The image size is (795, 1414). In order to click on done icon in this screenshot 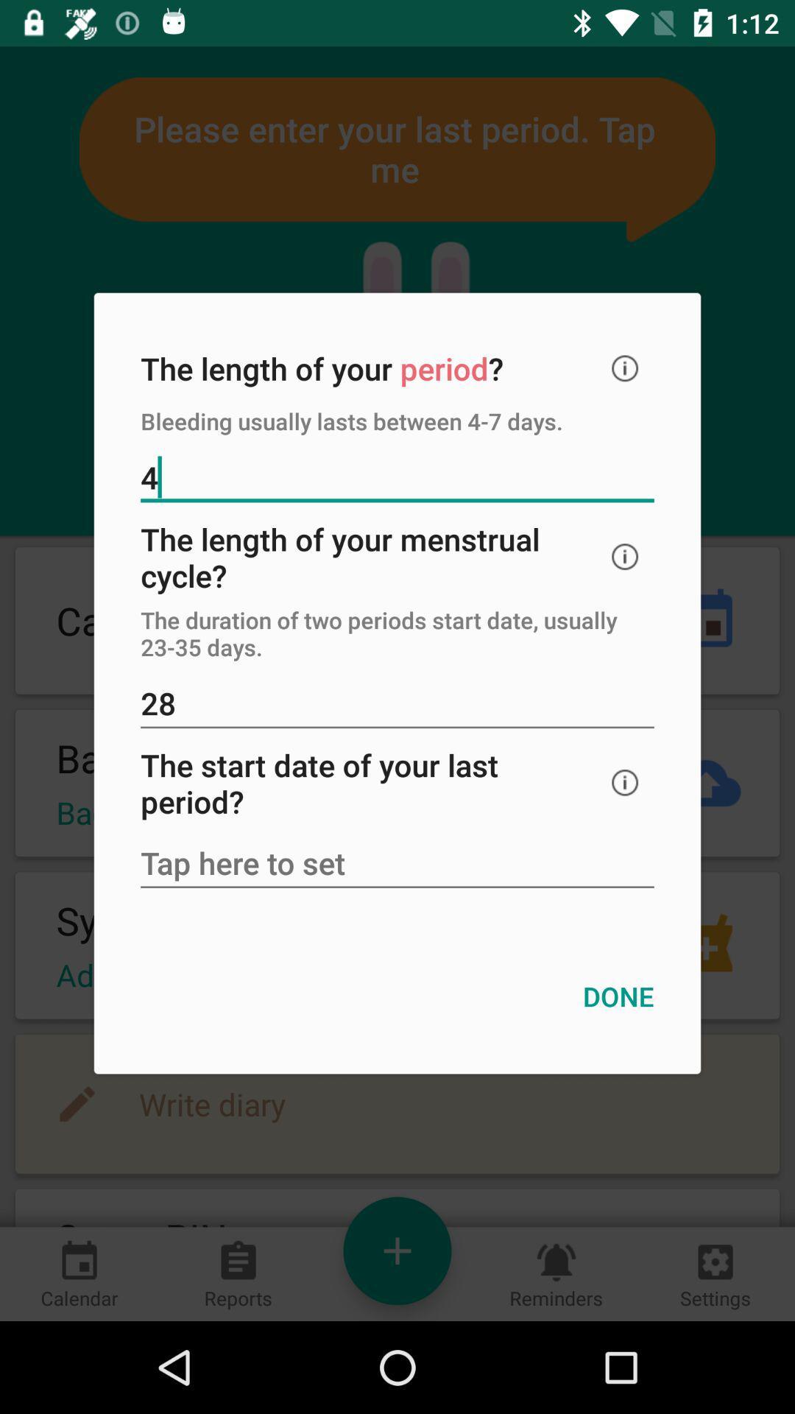, I will do `click(618, 996)`.